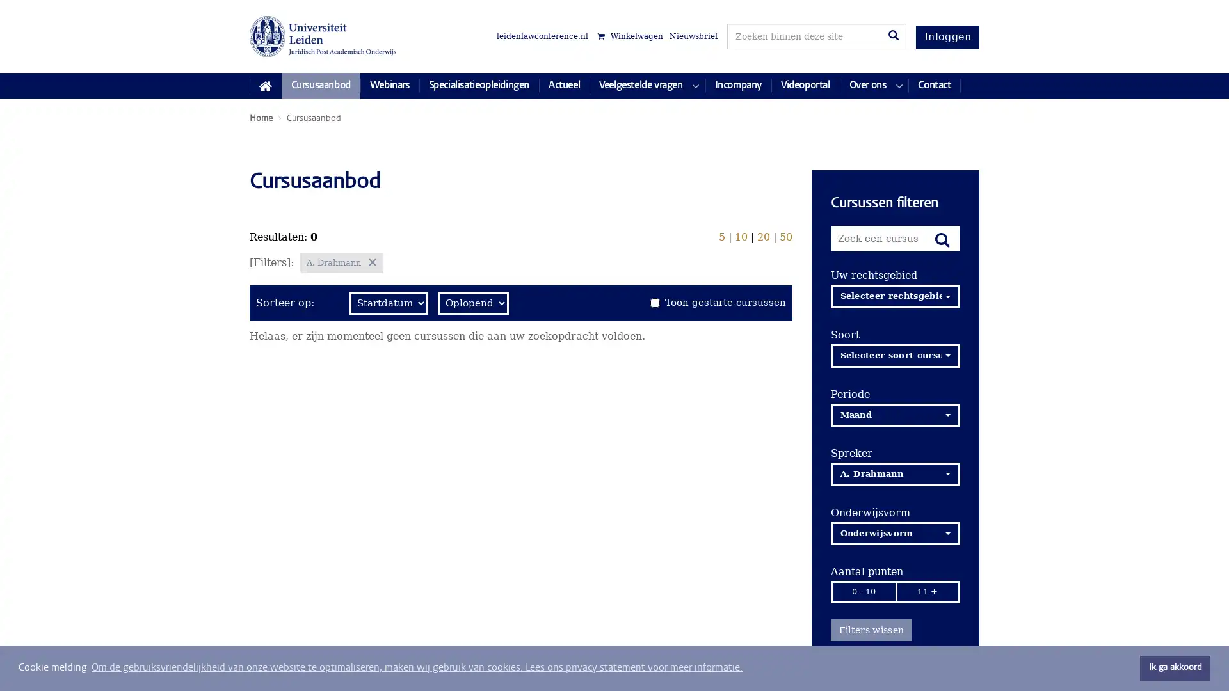  I want to click on Selecteer rechtsgebied, so click(894, 296).